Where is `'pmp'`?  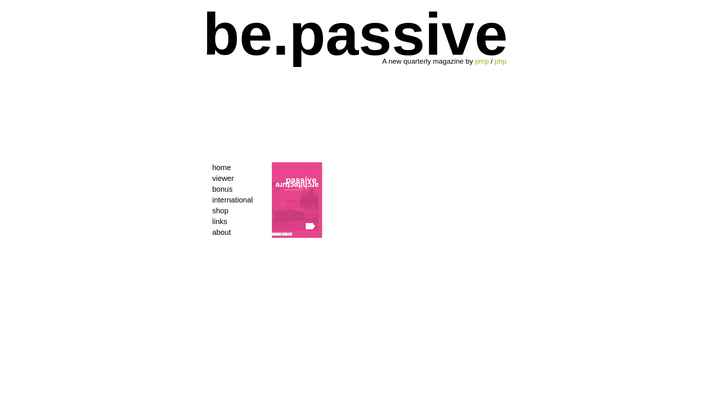 'pmp' is located at coordinates (482, 61).